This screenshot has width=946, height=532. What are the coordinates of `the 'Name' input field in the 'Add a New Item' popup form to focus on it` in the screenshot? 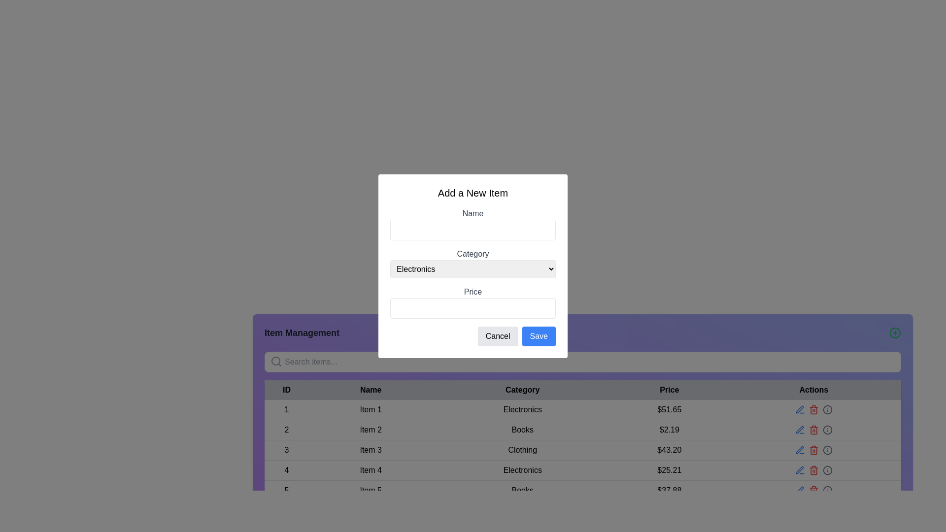 It's located at (473, 224).